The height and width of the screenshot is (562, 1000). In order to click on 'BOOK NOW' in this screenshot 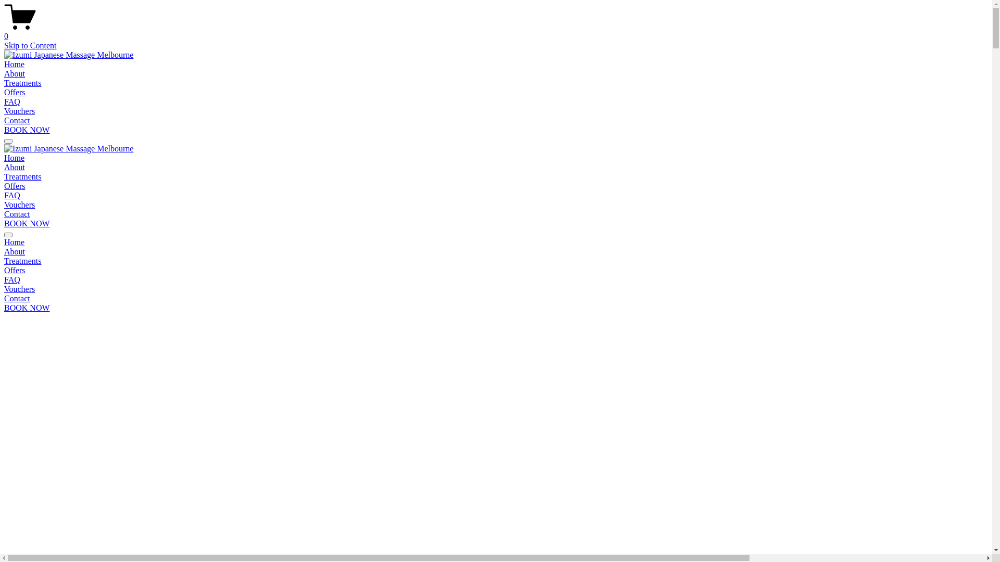, I will do `click(27, 307)`.